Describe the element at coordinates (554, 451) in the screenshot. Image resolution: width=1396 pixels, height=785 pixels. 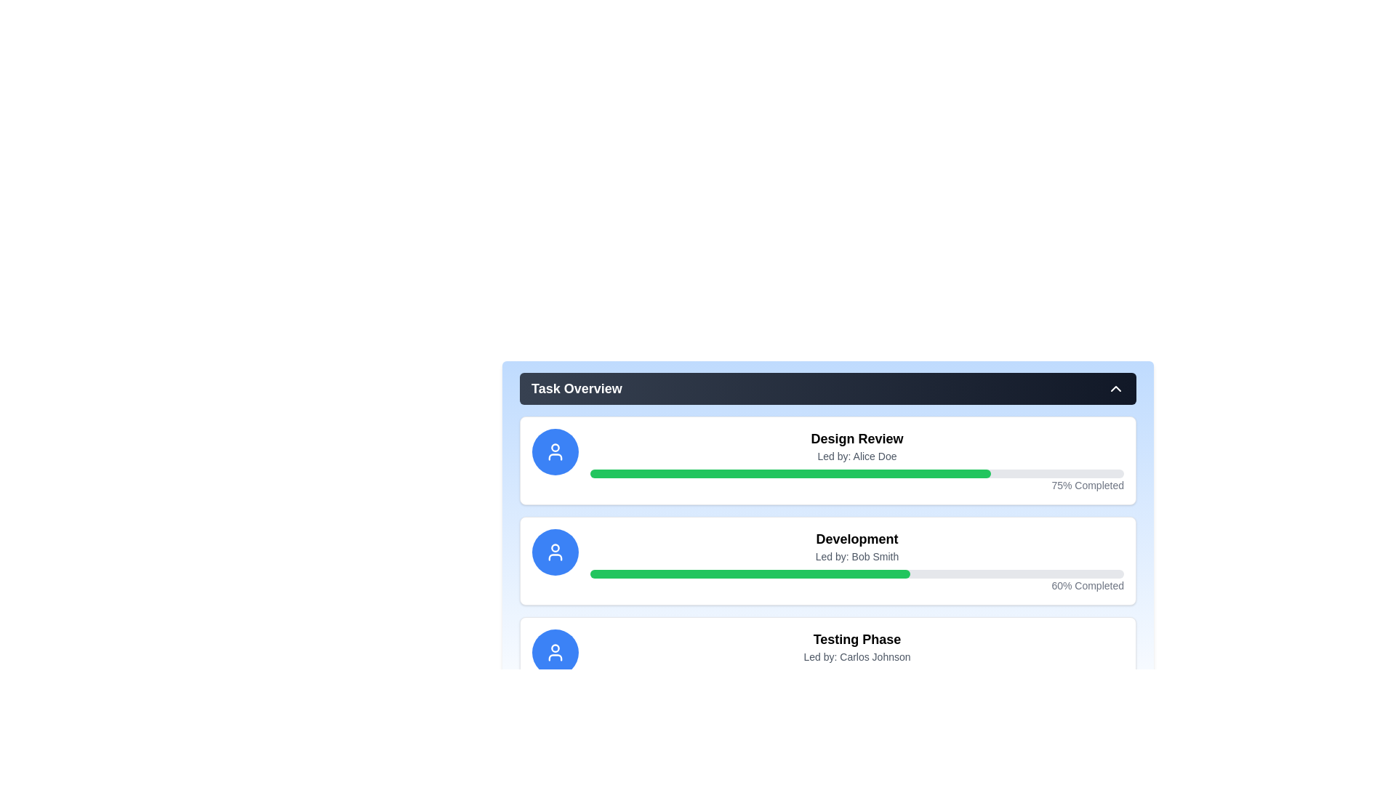
I see `the circular icon with a blue background and a white user symbol, located in the 'Design Review' card within the 'Task Overview' section` at that location.